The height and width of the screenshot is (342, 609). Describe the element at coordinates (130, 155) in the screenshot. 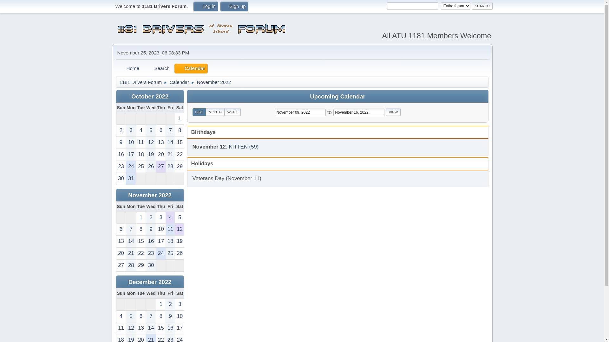

I see `'17'` at that location.